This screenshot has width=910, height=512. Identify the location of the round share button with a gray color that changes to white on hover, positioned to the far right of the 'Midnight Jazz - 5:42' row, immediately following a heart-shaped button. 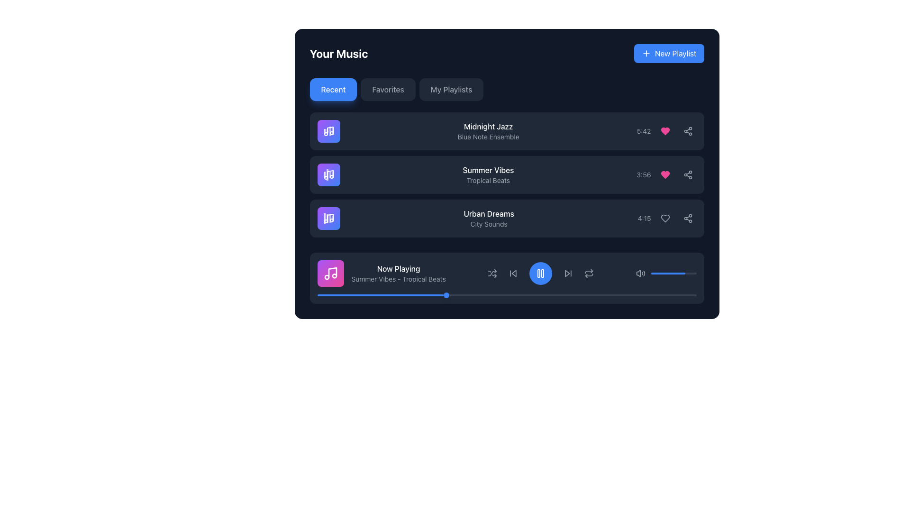
(688, 131).